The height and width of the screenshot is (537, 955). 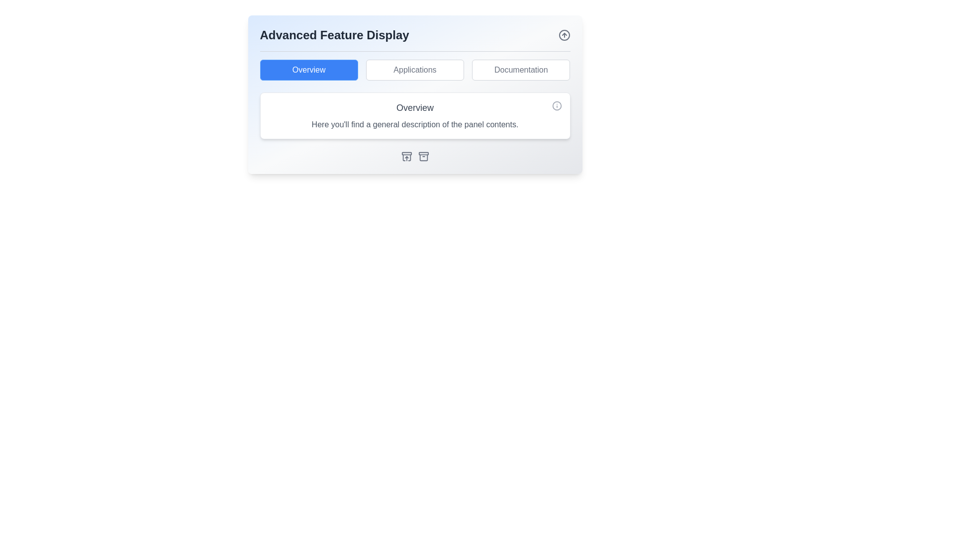 What do you see at coordinates (308, 70) in the screenshot?
I see `the 'Overview' button located at the top-left corner of the horizontal grid of buttons` at bounding box center [308, 70].